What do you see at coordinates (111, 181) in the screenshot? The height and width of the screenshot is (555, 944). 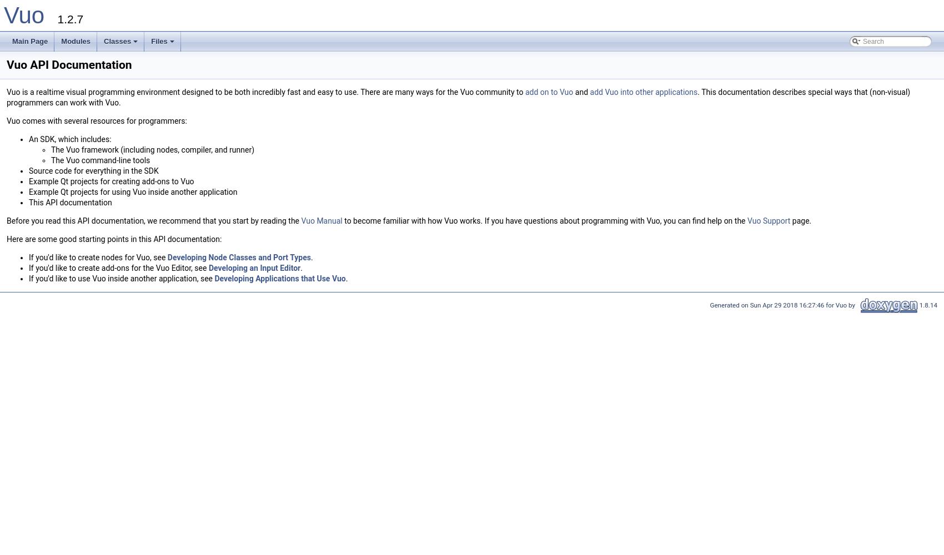 I see `'Example Qt projects for creating add-ons to Vuo'` at bounding box center [111, 181].